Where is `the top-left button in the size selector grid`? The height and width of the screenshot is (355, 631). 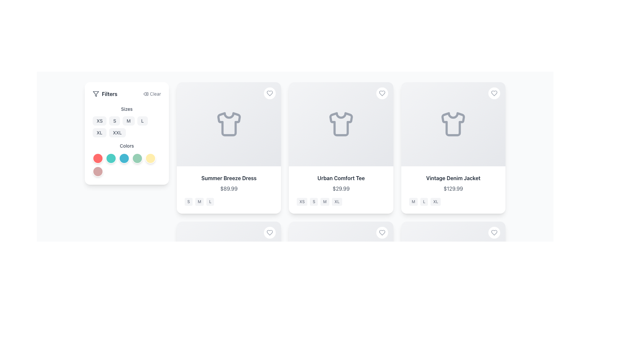 the top-left button in the size selector grid is located at coordinates (99, 121).